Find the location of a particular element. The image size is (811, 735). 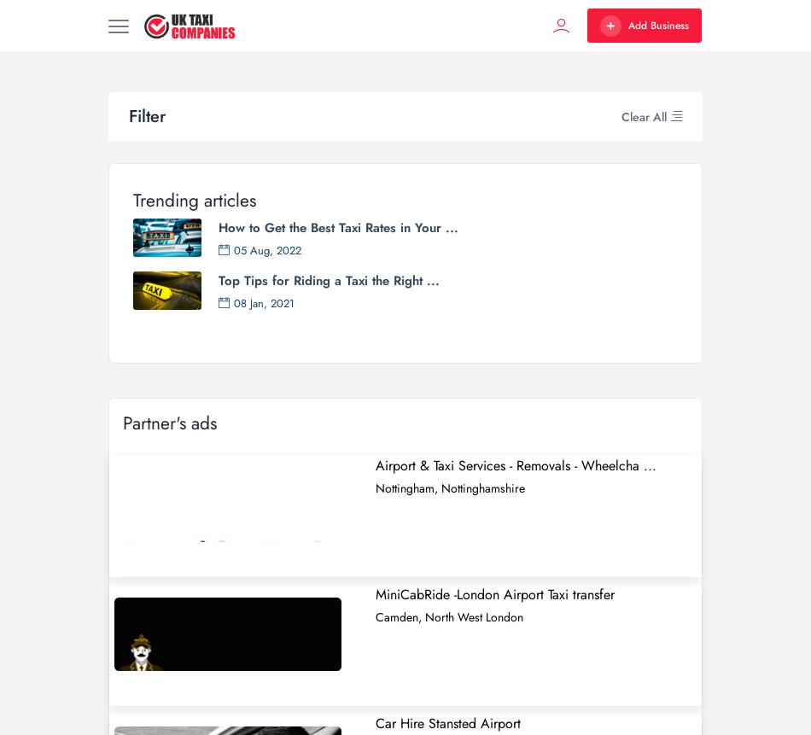

'SA61 2UB' is located at coordinates (548, 75).